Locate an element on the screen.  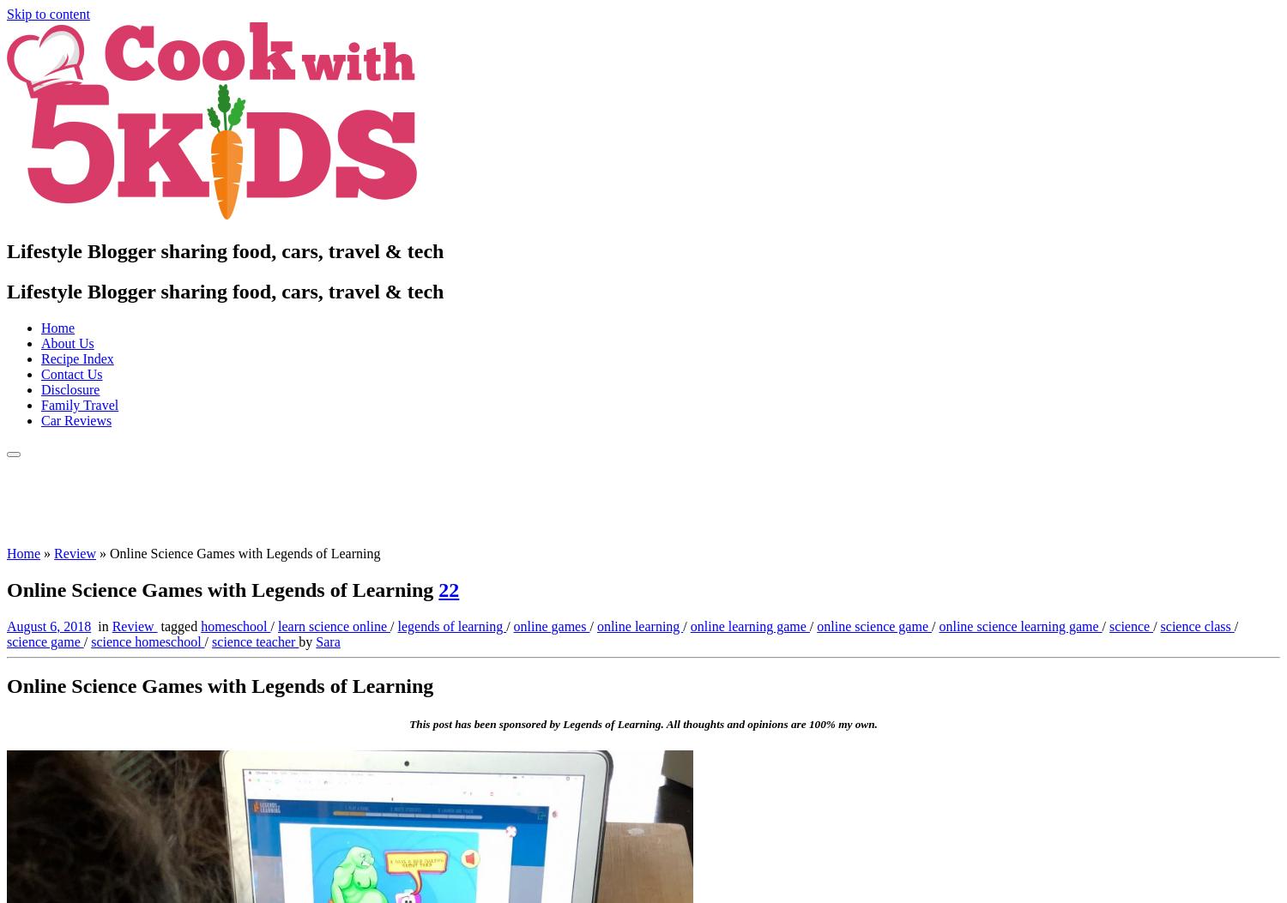
'science teacher' is located at coordinates (255, 640).